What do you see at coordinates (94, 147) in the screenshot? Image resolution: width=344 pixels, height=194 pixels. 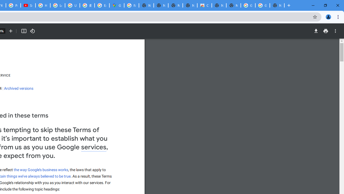 I see `'services'` at bounding box center [94, 147].